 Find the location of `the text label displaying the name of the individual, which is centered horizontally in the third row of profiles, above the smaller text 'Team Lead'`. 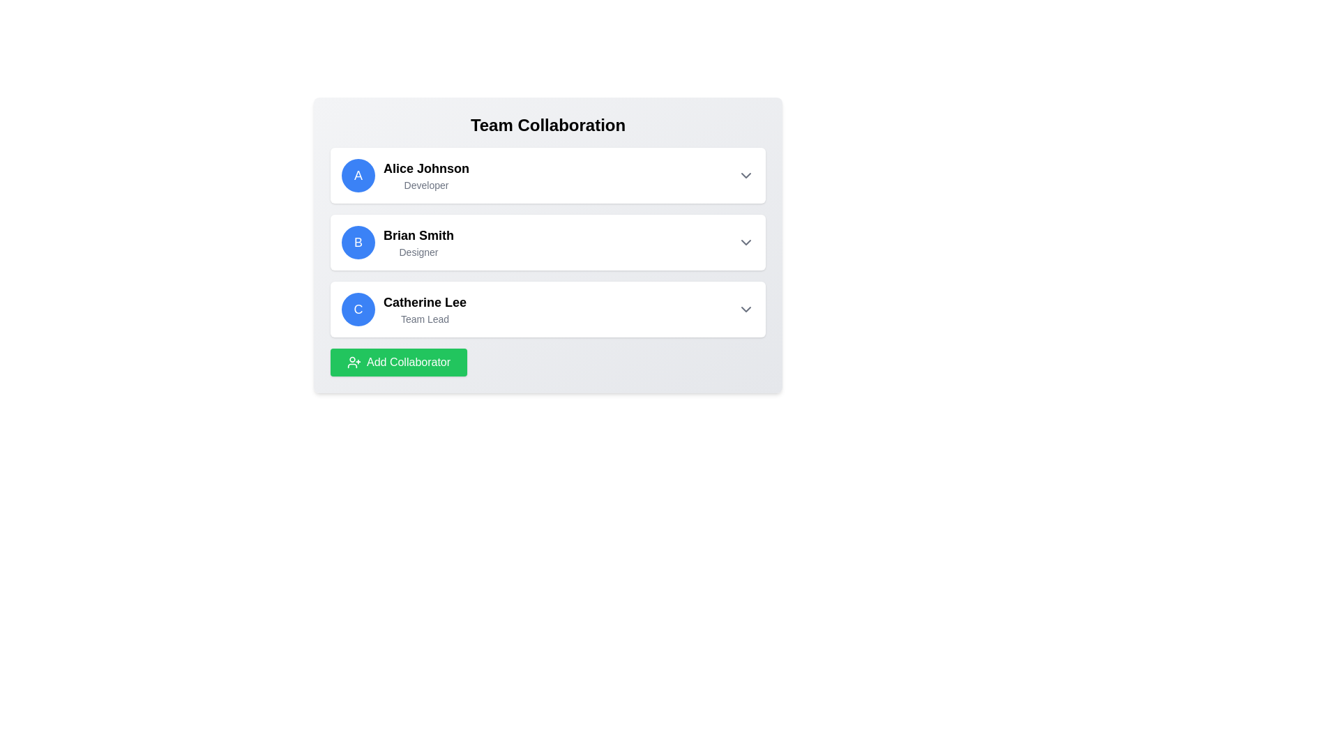

the text label displaying the name of the individual, which is centered horizontally in the third row of profiles, above the smaller text 'Team Lead' is located at coordinates (424, 302).